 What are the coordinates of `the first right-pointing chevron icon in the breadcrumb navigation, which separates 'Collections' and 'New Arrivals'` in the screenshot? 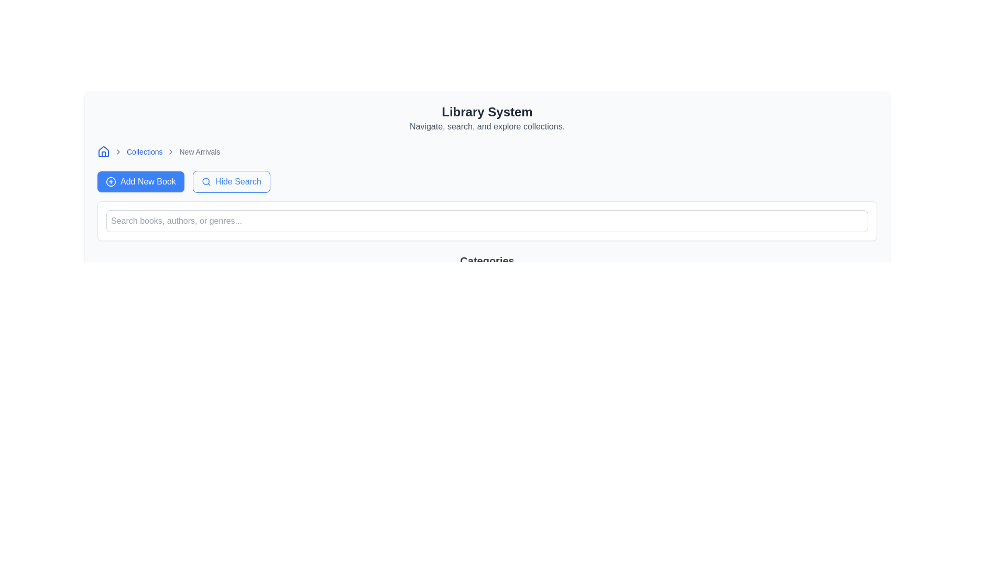 It's located at (118, 151).